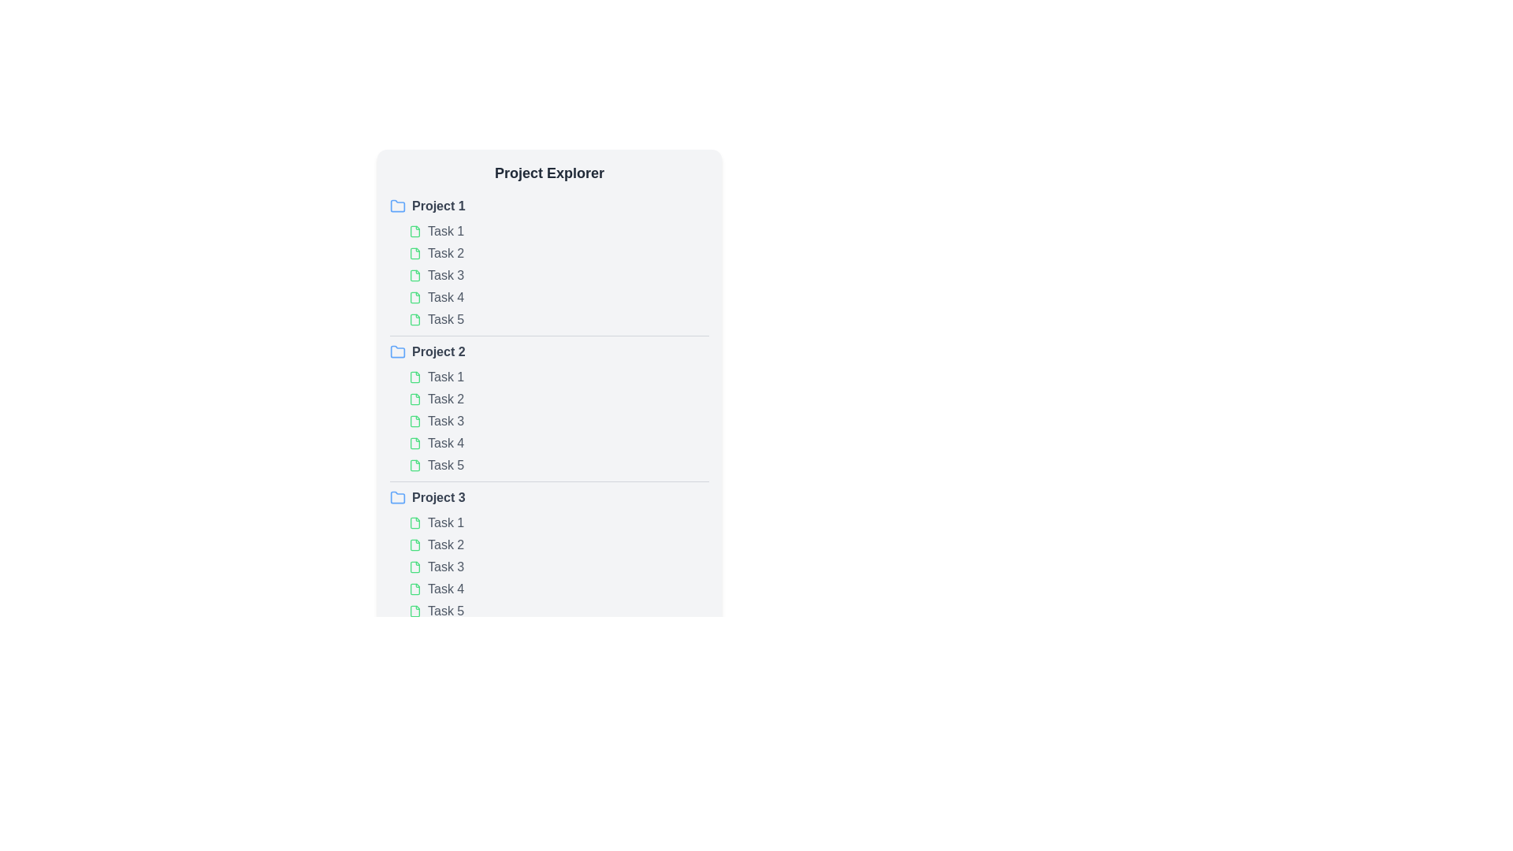 The image size is (1513, 851). What do you see at coordinates (445, 610) in the screenshot?
I see `the fifth task entry under 'Project 3' in the Project Explorer list` at bounding box center [445, 610].